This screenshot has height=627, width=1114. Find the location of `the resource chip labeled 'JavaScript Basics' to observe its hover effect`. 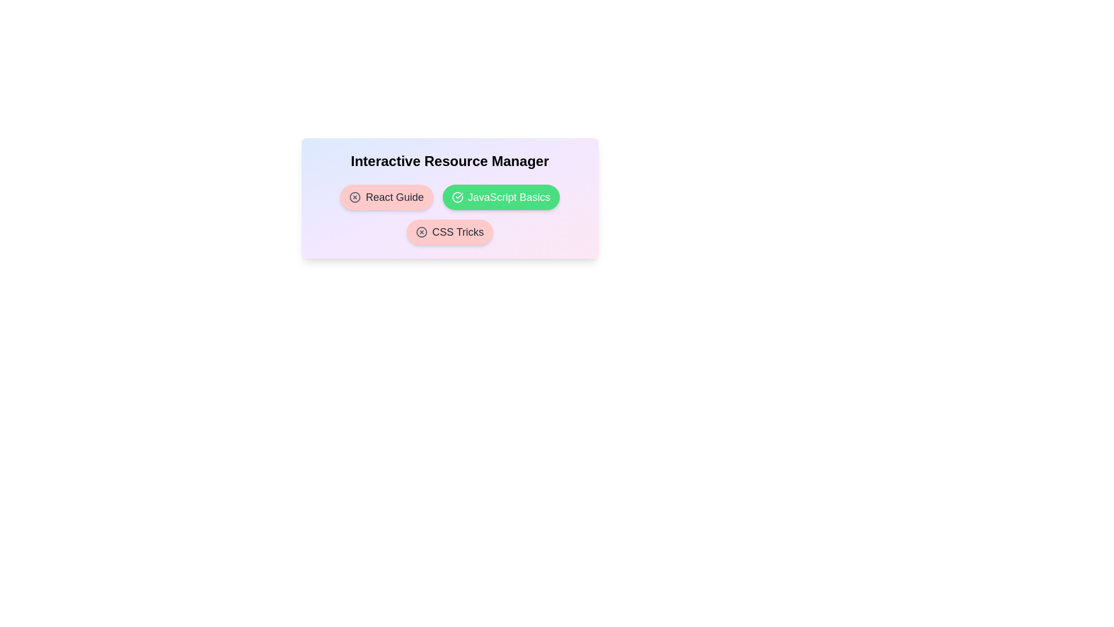

the resource chip labeled 'JavaScript Basics' to observe its hover effect is located at coordinates (501, 196).